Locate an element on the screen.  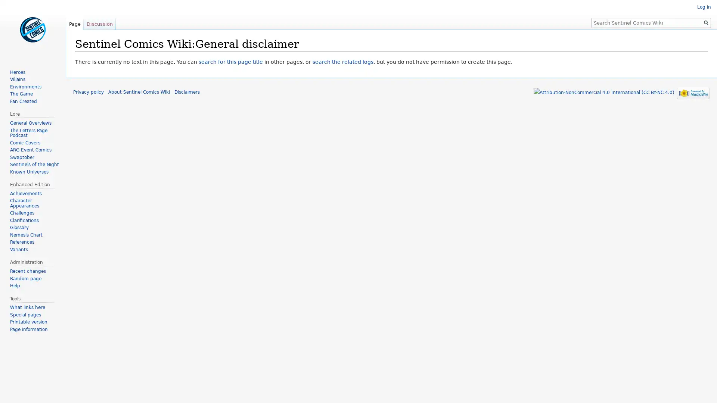
Search is located at coordinates (706, 22).